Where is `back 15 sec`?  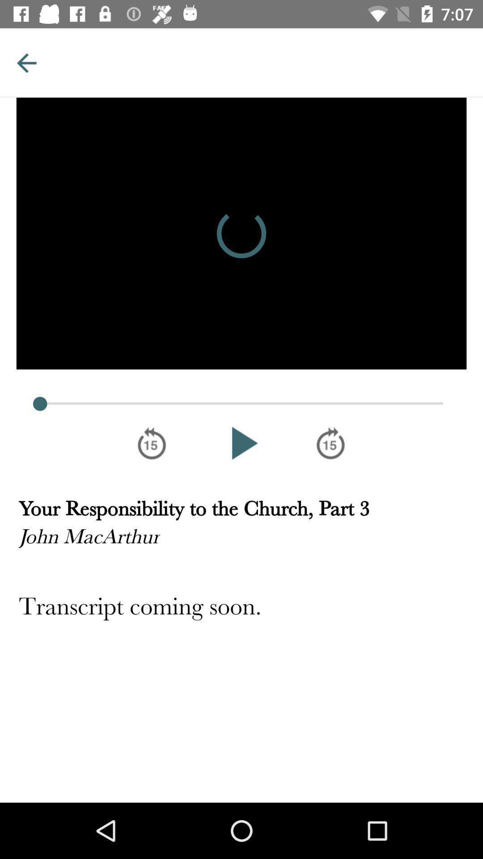
back 15 sec is located at coordinates (151, 443).